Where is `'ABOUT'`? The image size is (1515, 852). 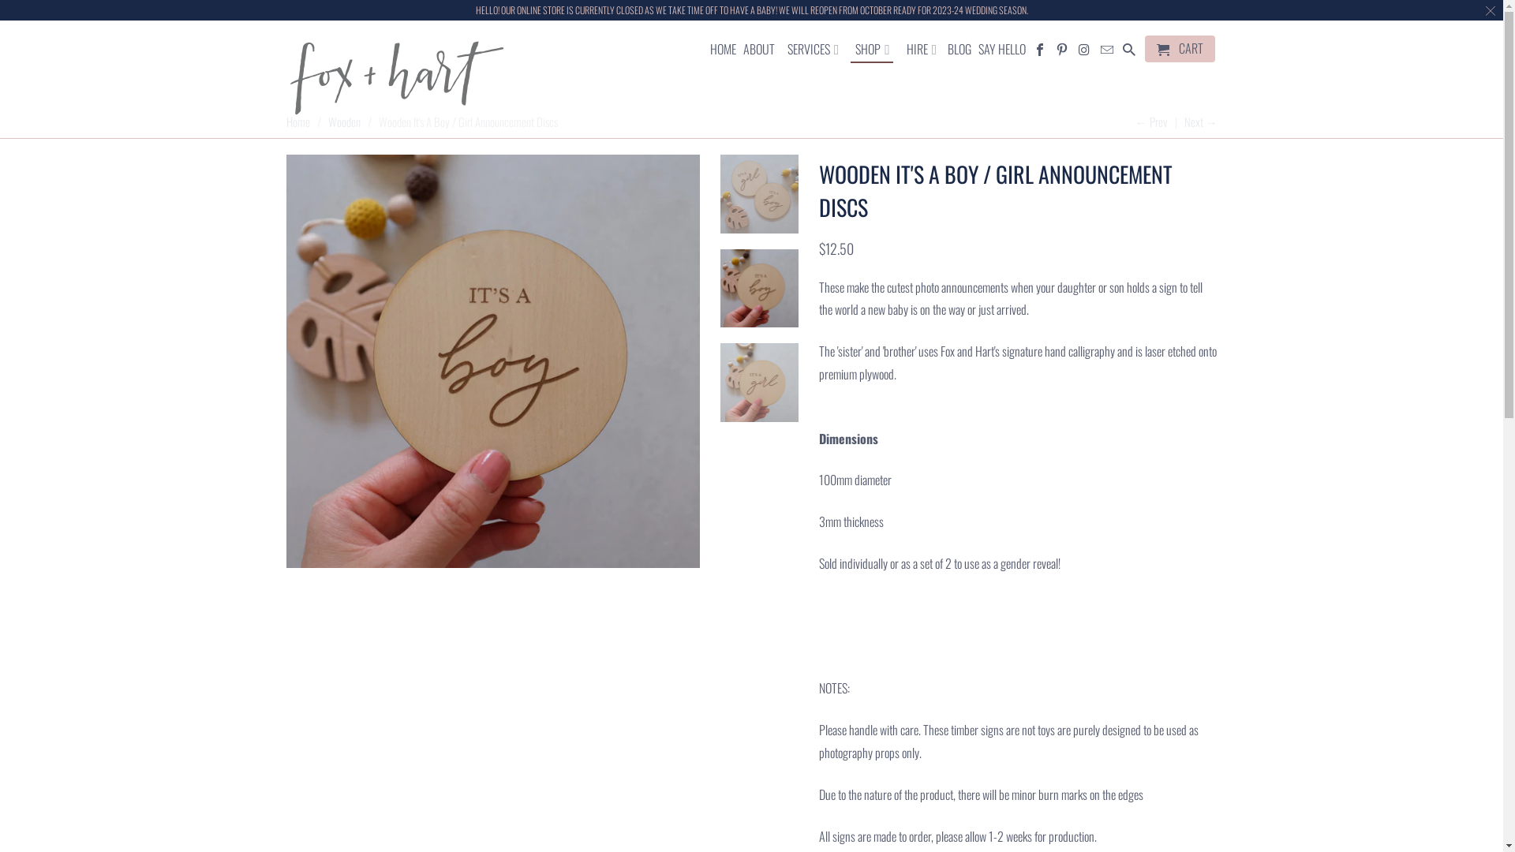 'ABOUT' is located at coordinates (742, 50).